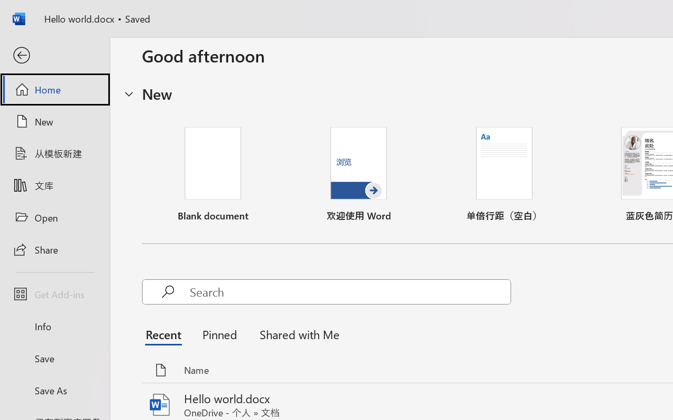 Image resolution: width=673 pixels, height=420 pixels. Describe the element at coordinates (212, 174) in the screenshot. I see `'Blank document'` at that location.